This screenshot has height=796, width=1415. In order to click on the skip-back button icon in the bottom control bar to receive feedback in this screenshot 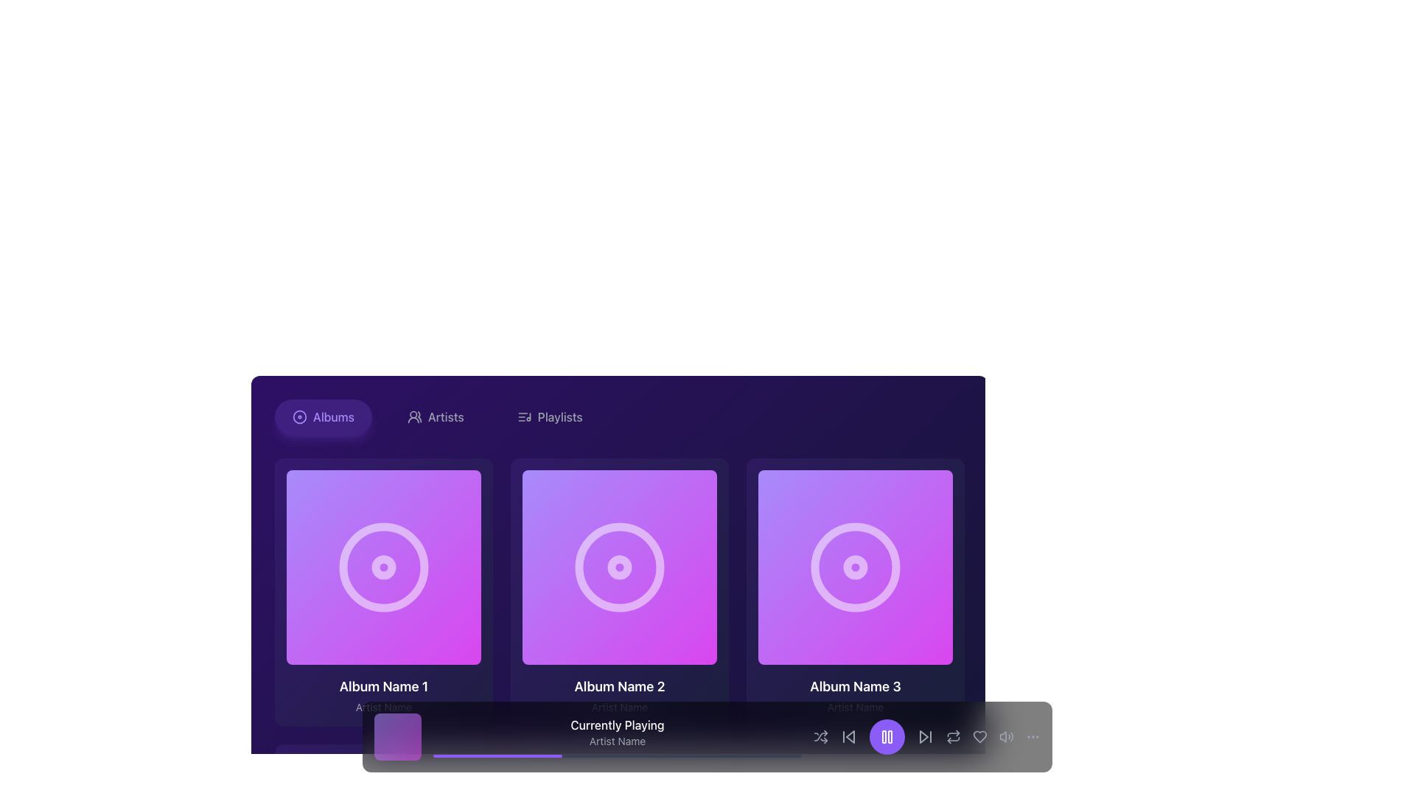, I will do `click(850, 736)`.